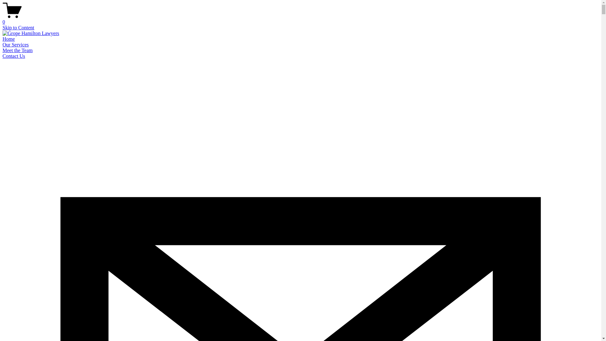 This screenshot has height=341, width=606. What do you see at coordinates (14, 56) in the screenshot?
I see `'Contact Us'` at bounding box center [14, 56].